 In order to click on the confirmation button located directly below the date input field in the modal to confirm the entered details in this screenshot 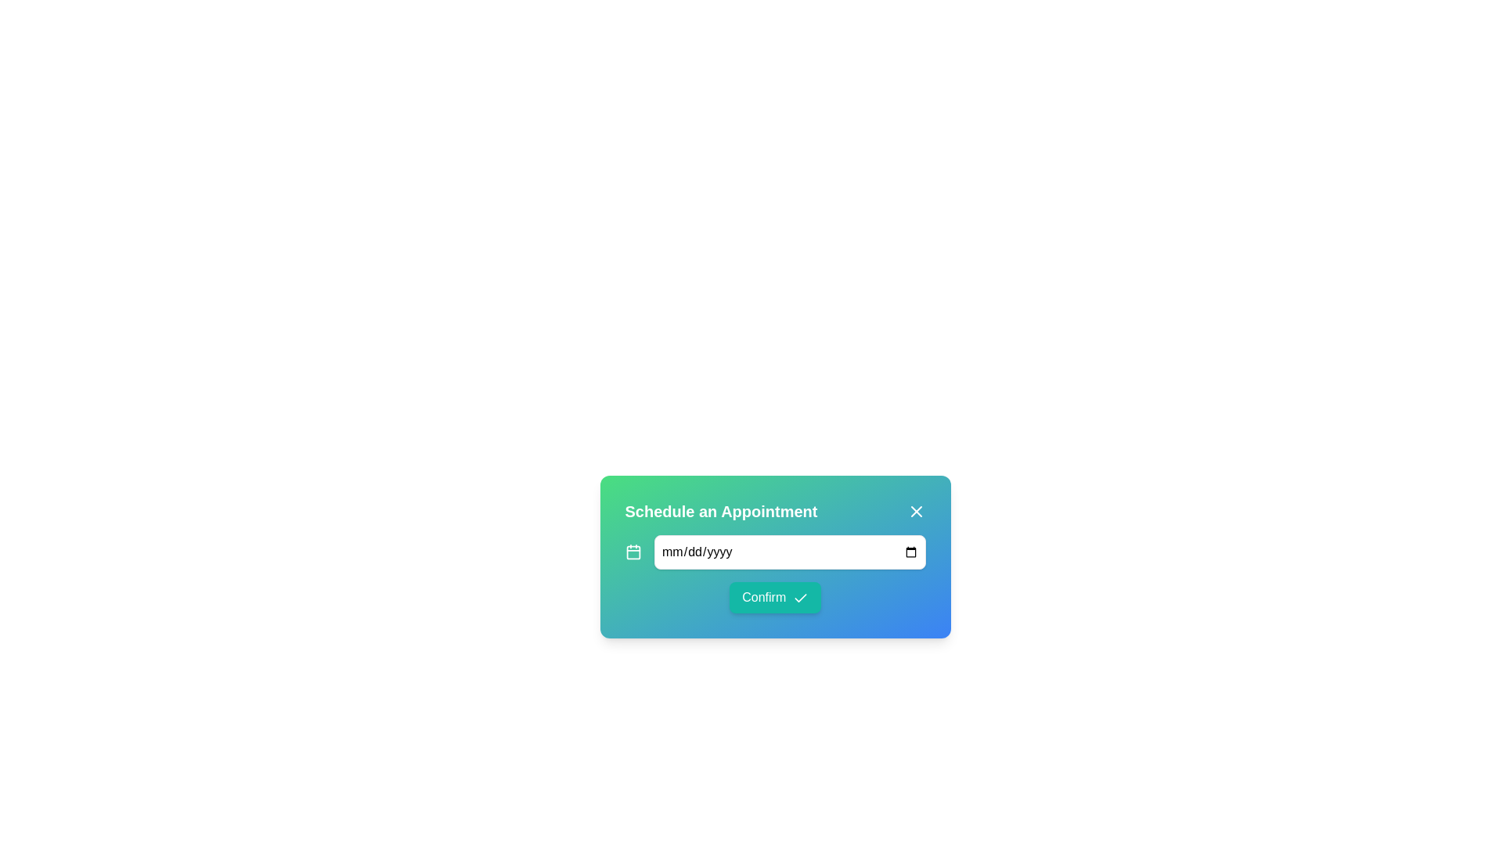, I will do `click(775, 574)`.